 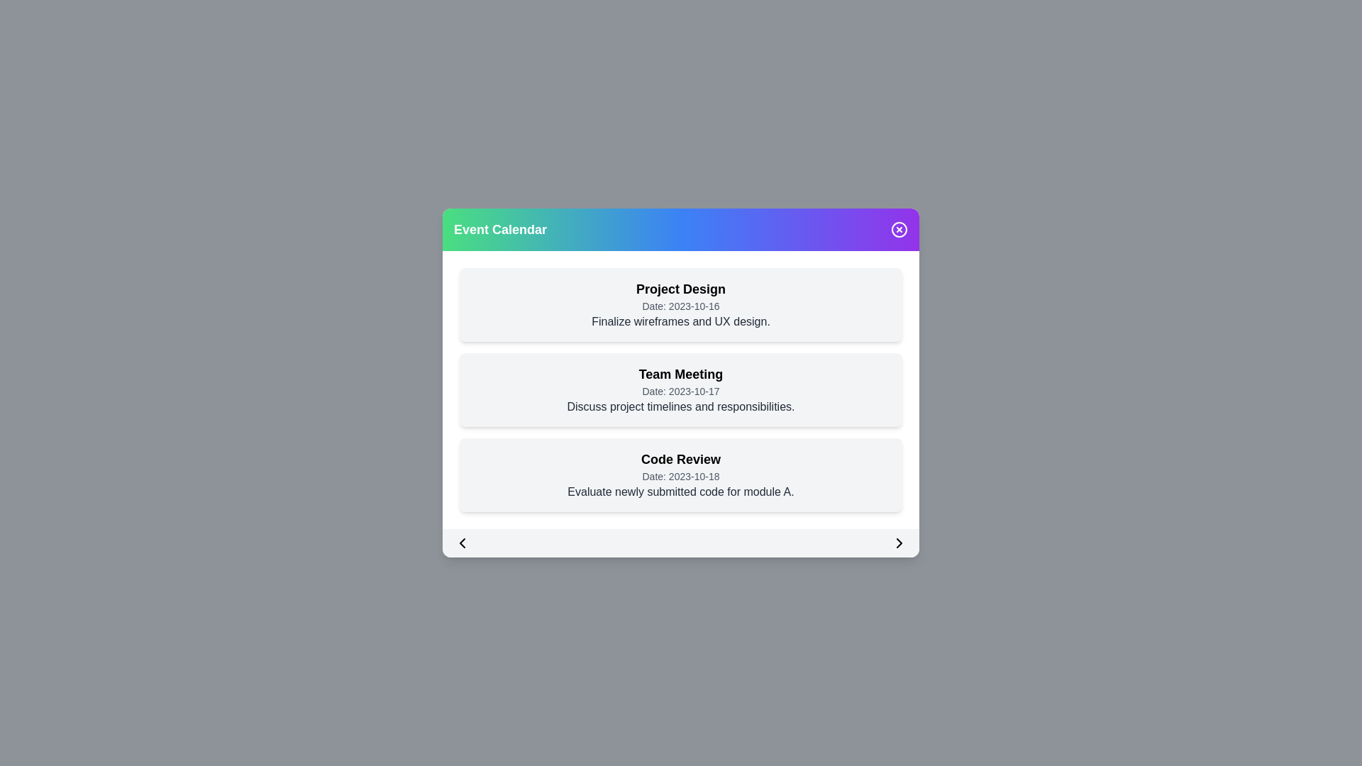 What do you see at coordinates (463, 543) in the screenshot?
I see `the left arrow button to navigate to the previous set of events` at bounding box center [463, 543].